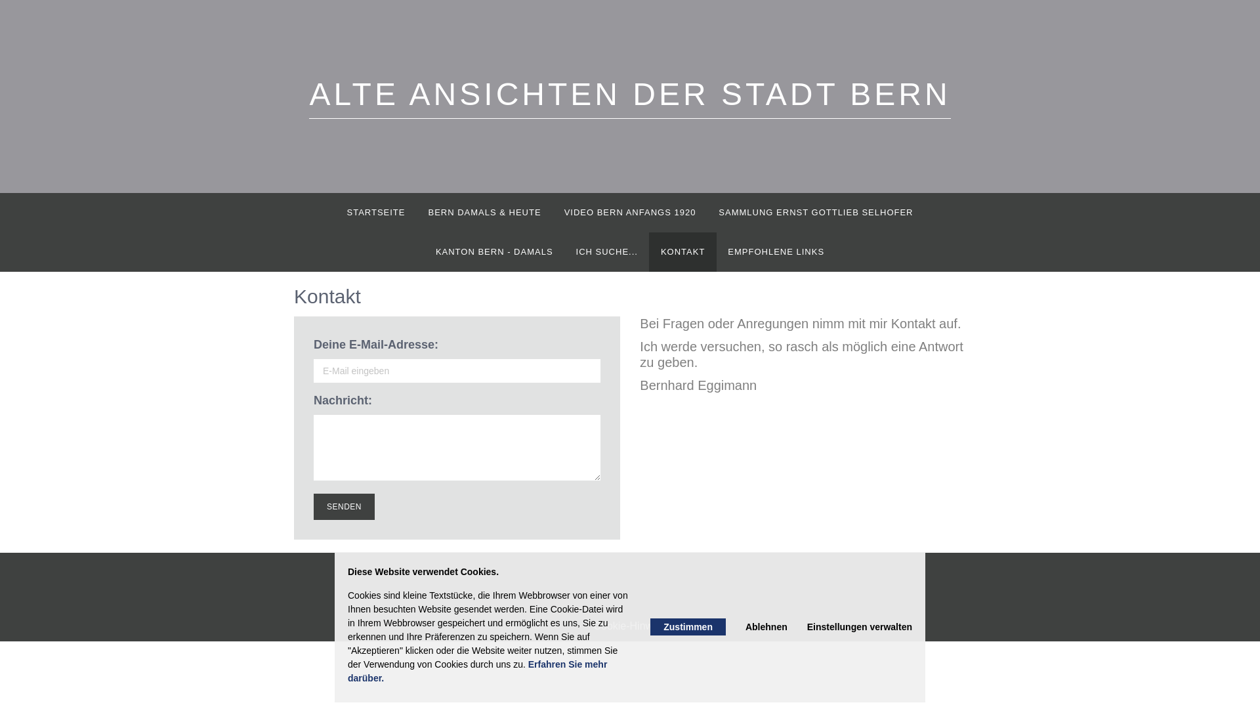 This screenshot has width=1260, height=709. What do you see at coordinates (484, 212) in the screenshot?
I see `'BERN DAMALS & HEUTE'` at bounding box center [484, 212].